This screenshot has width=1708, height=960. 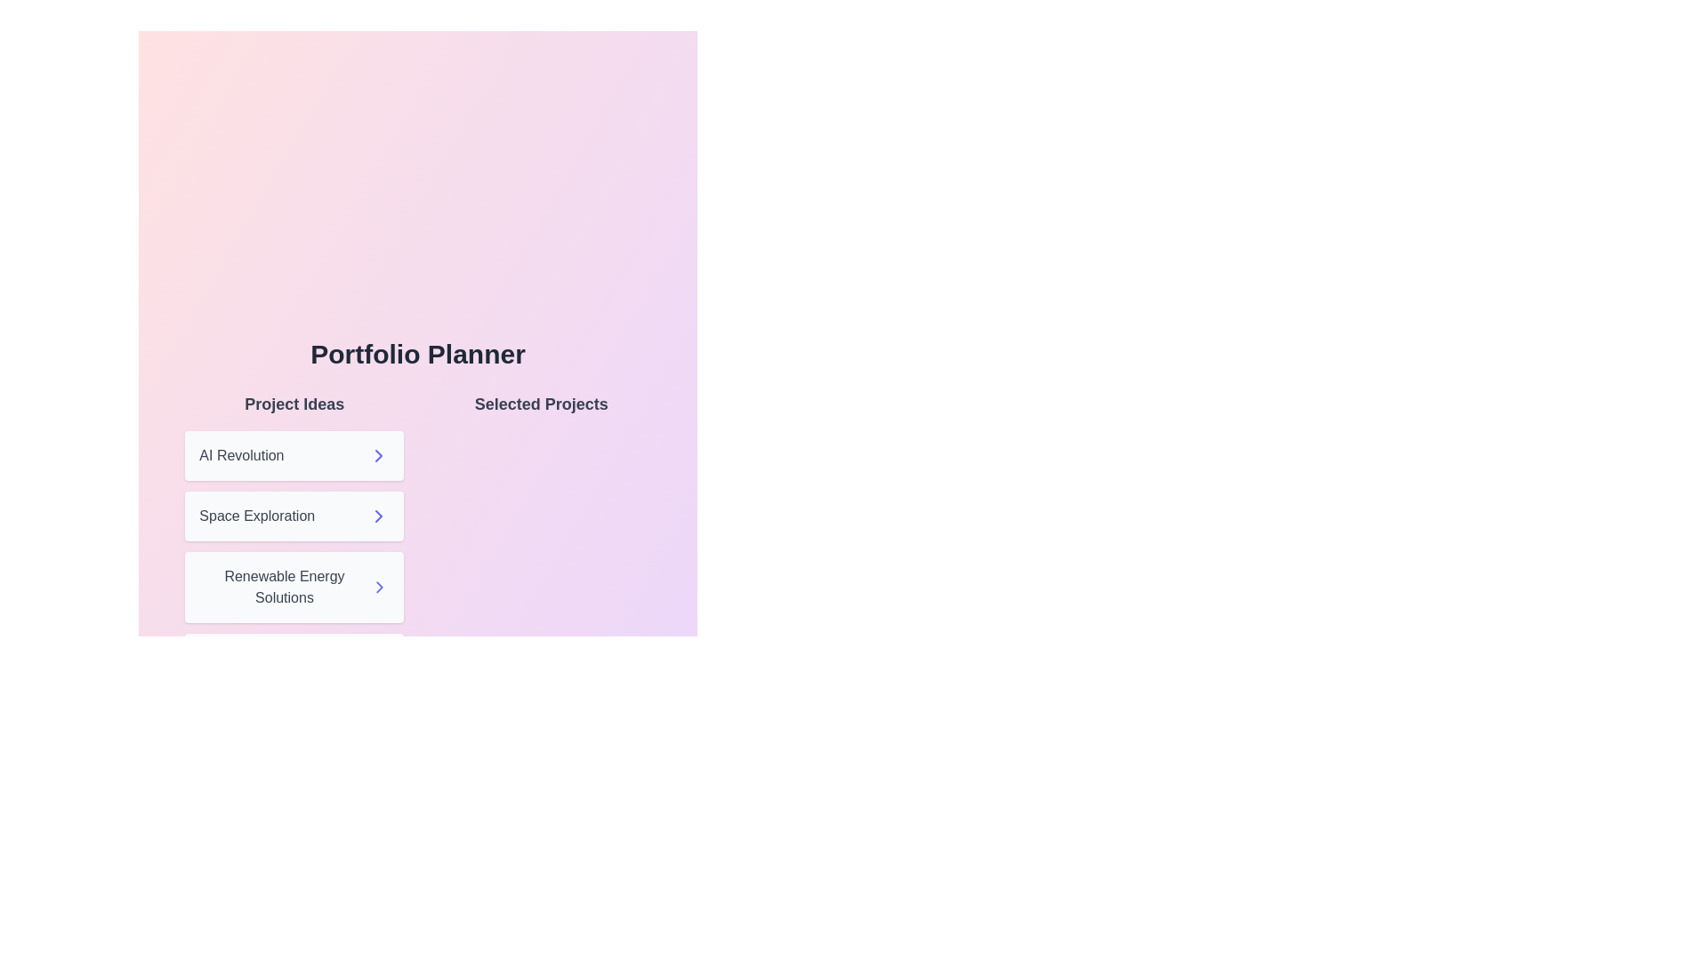 I want to click on right arrow next to the project idea 'Space Exploration' to move it to 'Selected Projects', so click(x=378, y=516).